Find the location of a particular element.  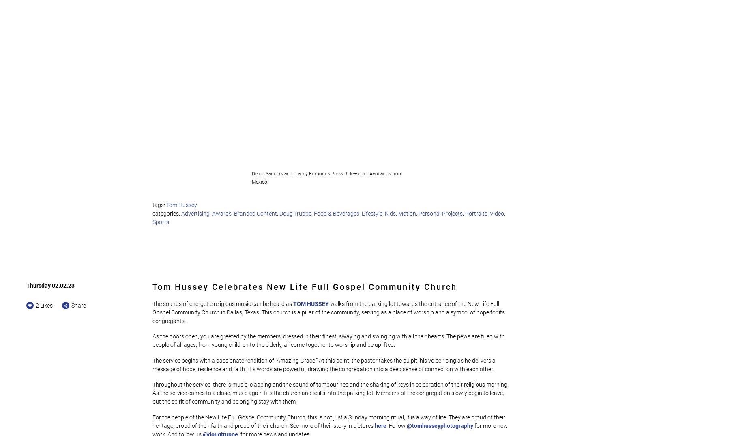

'Awards' is located at coordinates (221, 213).